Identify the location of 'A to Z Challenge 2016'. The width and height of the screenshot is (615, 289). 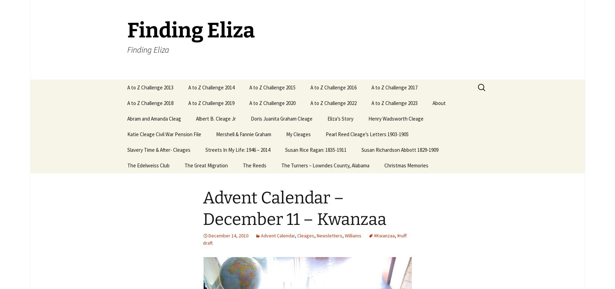
(333, 87).